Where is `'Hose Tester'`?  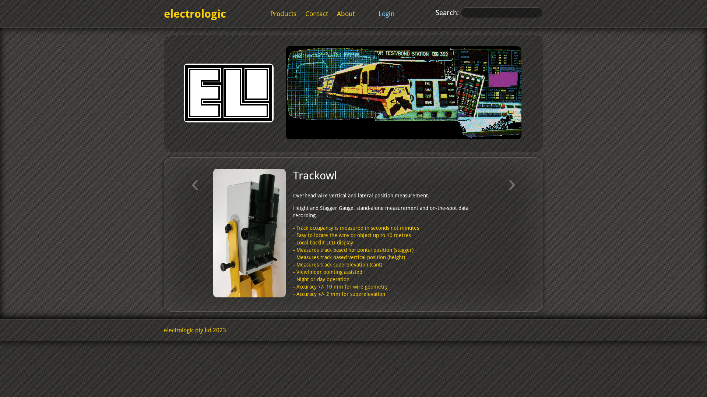
'Hose Tester' is located at coordinates (639, 175).